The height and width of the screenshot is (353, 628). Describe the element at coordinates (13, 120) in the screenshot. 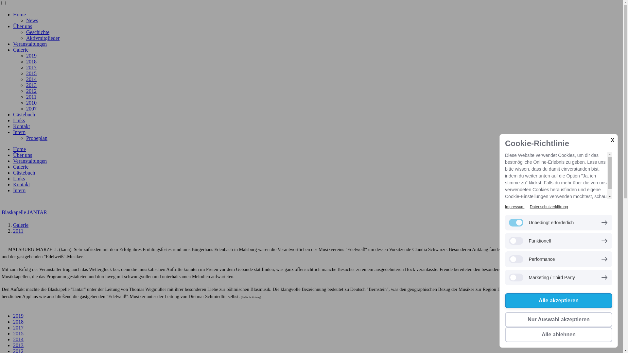

I see `'Links'` at that location.